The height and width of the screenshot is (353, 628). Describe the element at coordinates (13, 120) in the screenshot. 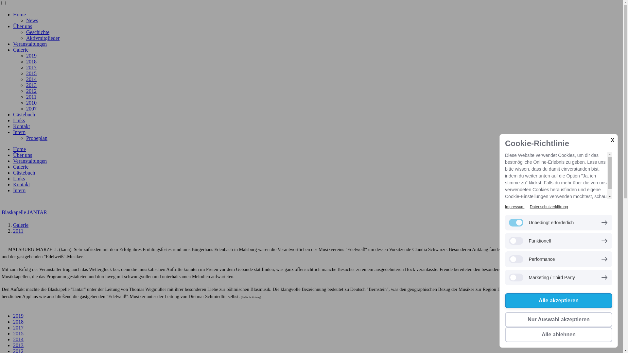

I see `'Links'` at that location.